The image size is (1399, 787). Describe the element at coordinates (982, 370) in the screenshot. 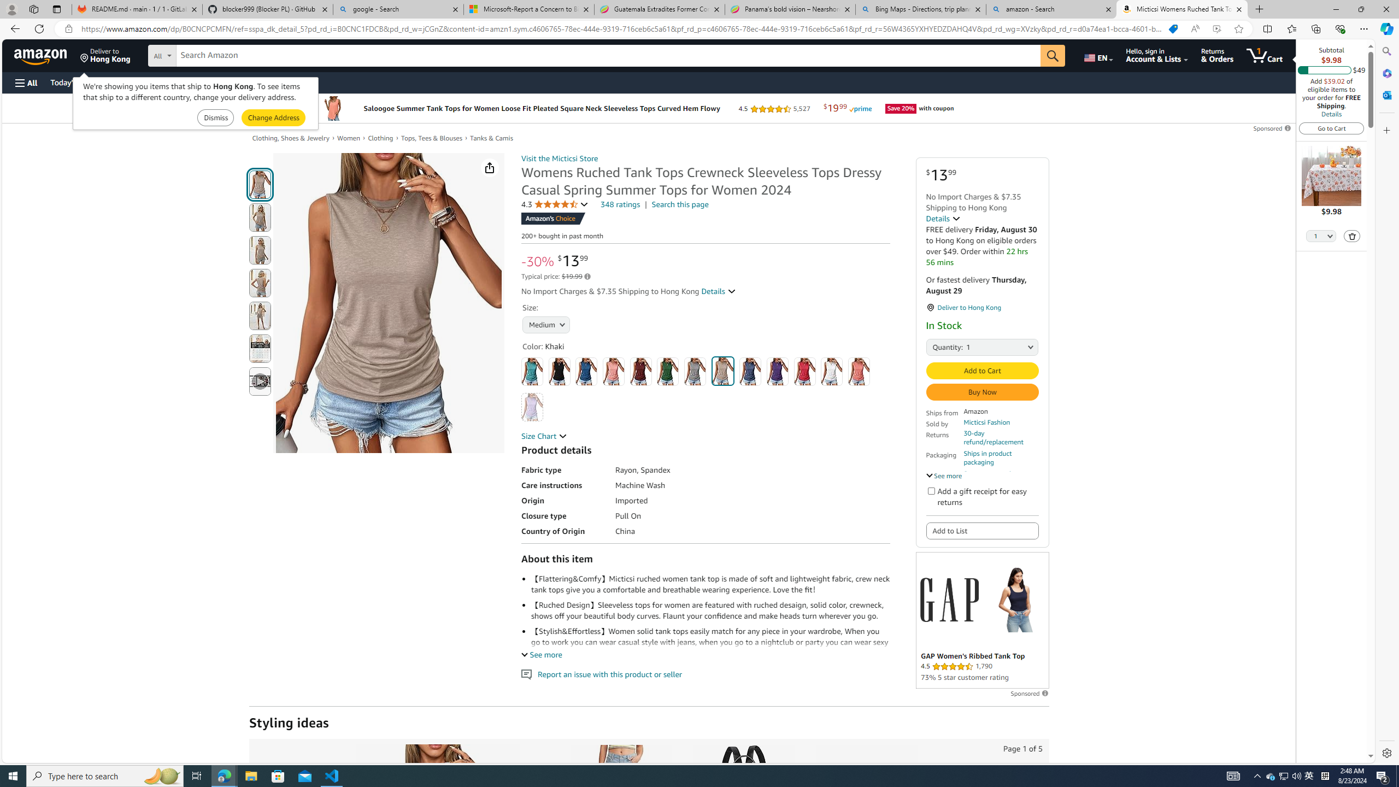

I see `'Add to Cart'` at that location.